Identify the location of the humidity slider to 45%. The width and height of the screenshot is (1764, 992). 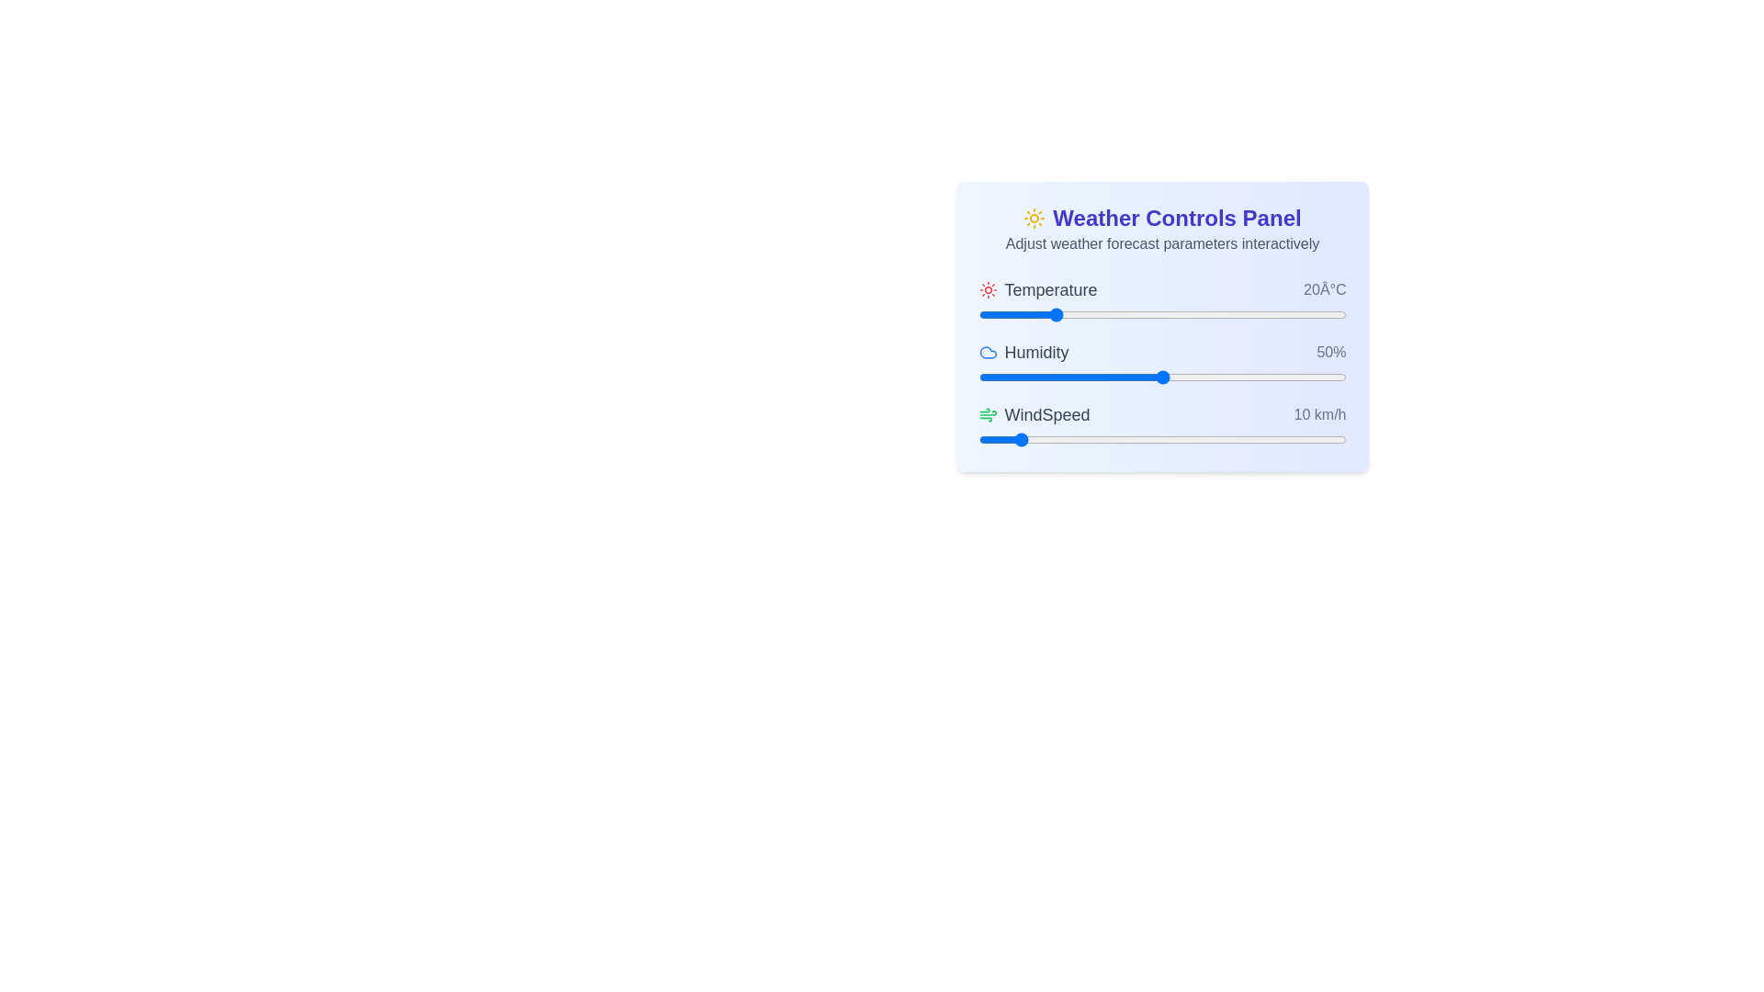
(1143, 377).